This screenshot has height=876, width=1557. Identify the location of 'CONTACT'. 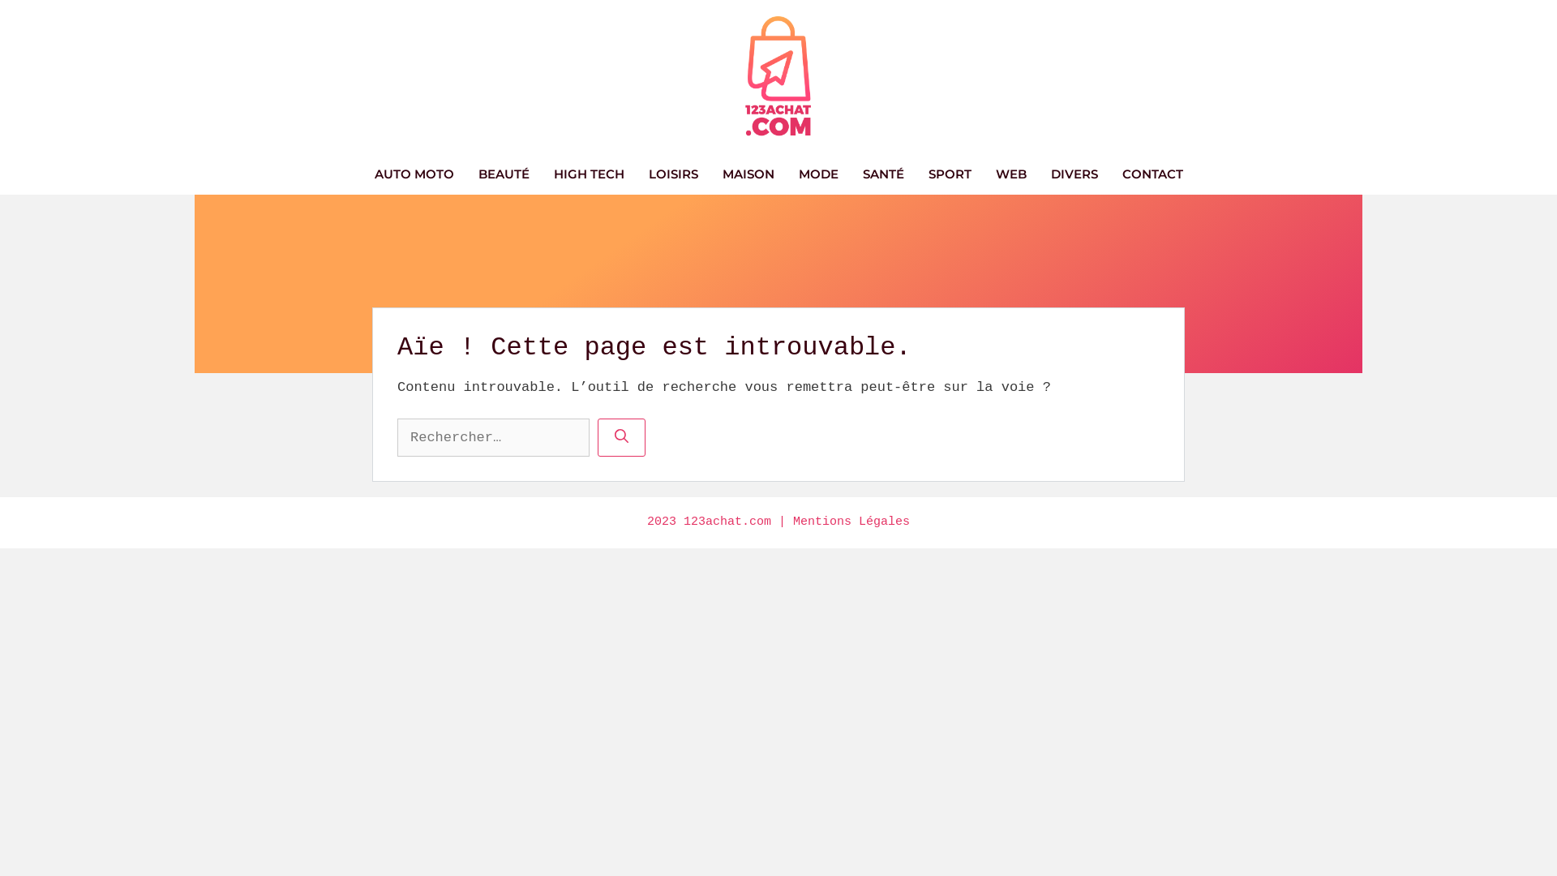
(1109, 174).